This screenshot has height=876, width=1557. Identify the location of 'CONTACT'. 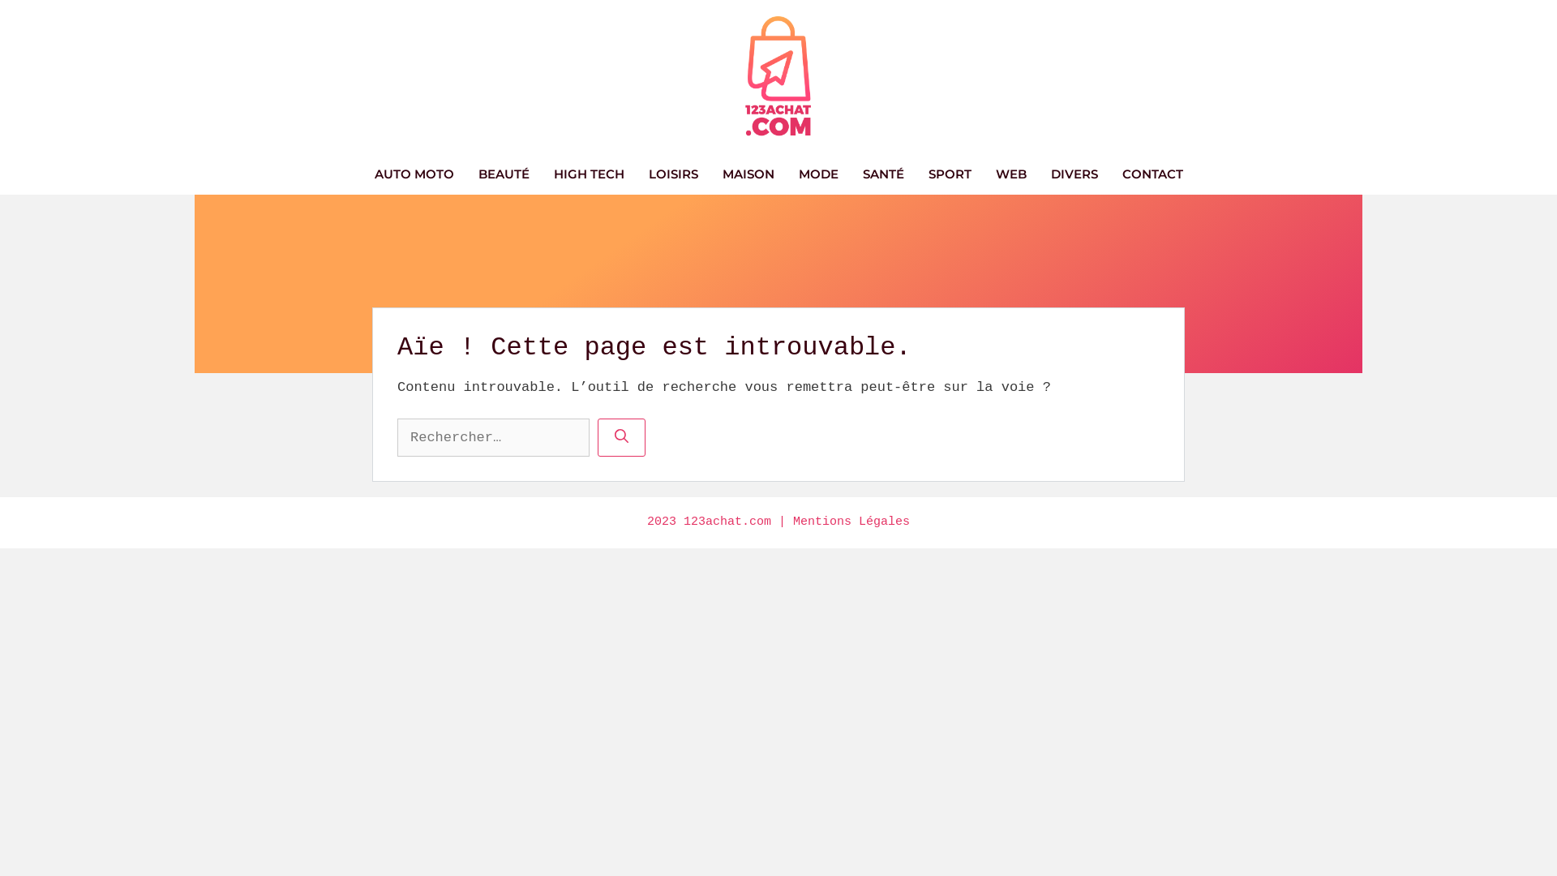
(1109, 174).